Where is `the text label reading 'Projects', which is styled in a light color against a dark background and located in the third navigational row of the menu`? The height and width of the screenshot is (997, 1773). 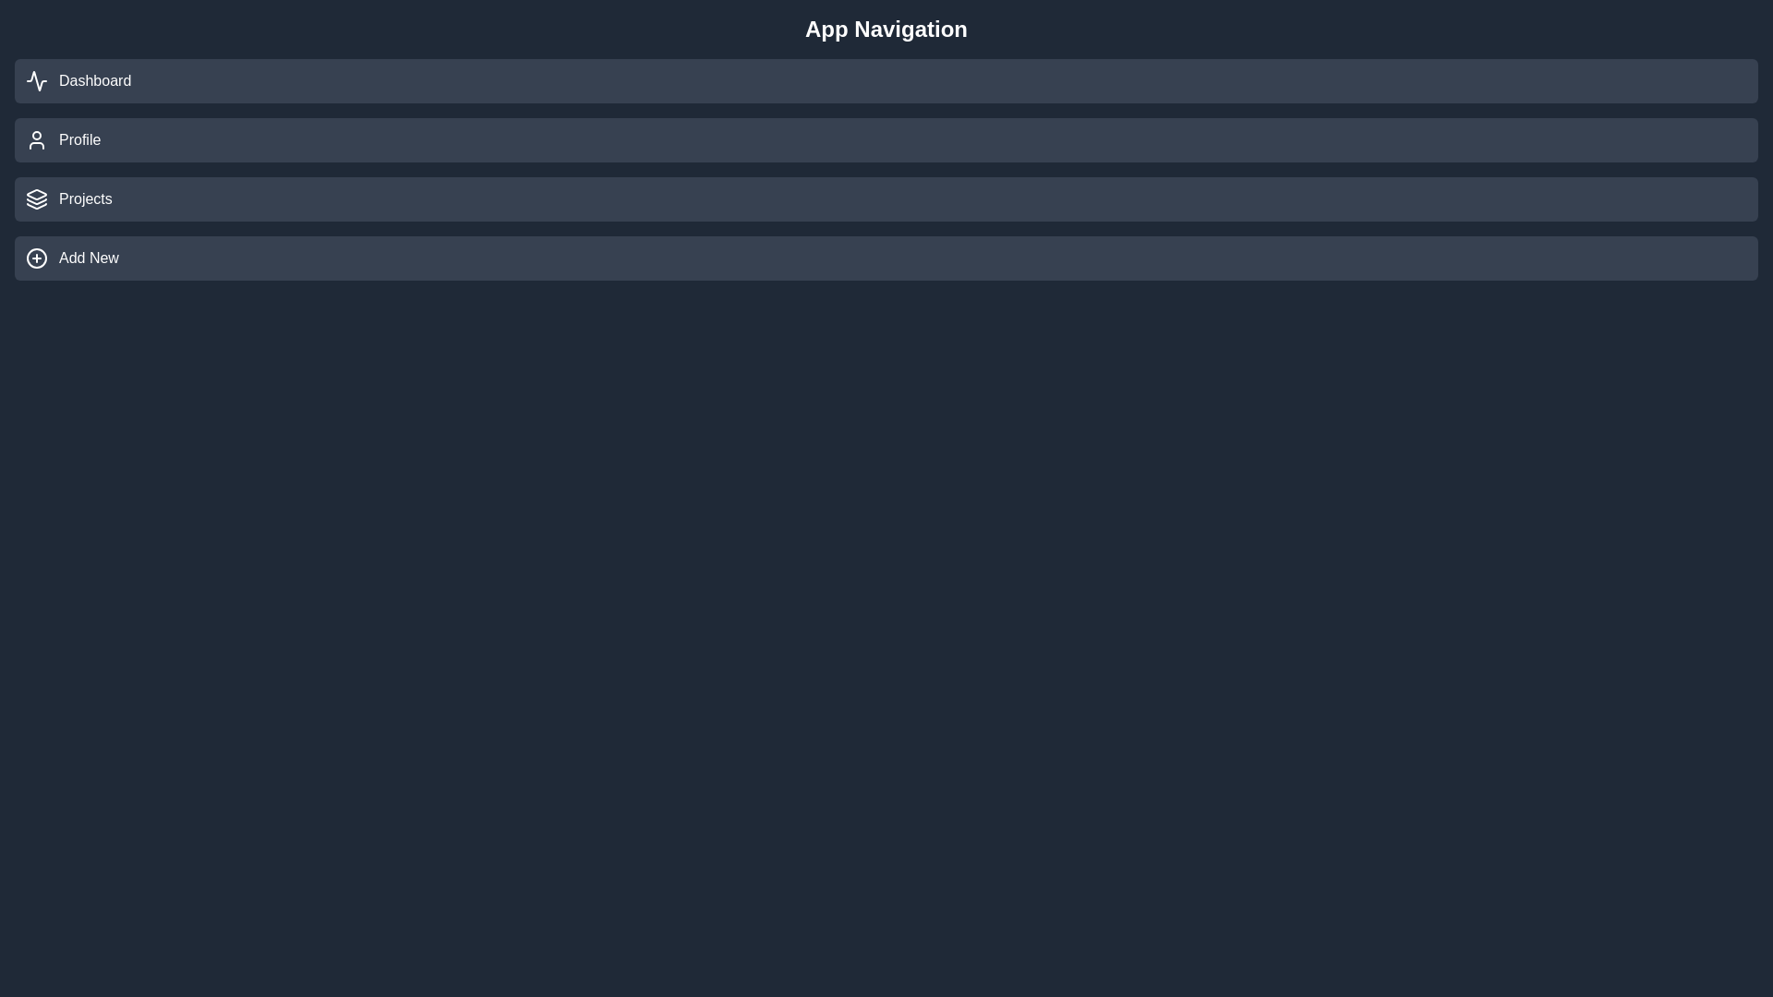 the text label reading 'Projects', which is styled in a light color against a dark background and located in the third navigational row of the menu is located at coordinates (84, 199).